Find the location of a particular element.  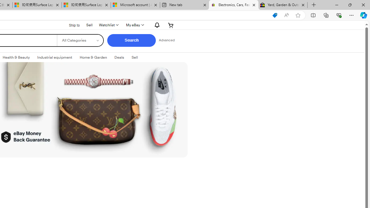

'Select a category for search' is located at coordinates (80, 40).